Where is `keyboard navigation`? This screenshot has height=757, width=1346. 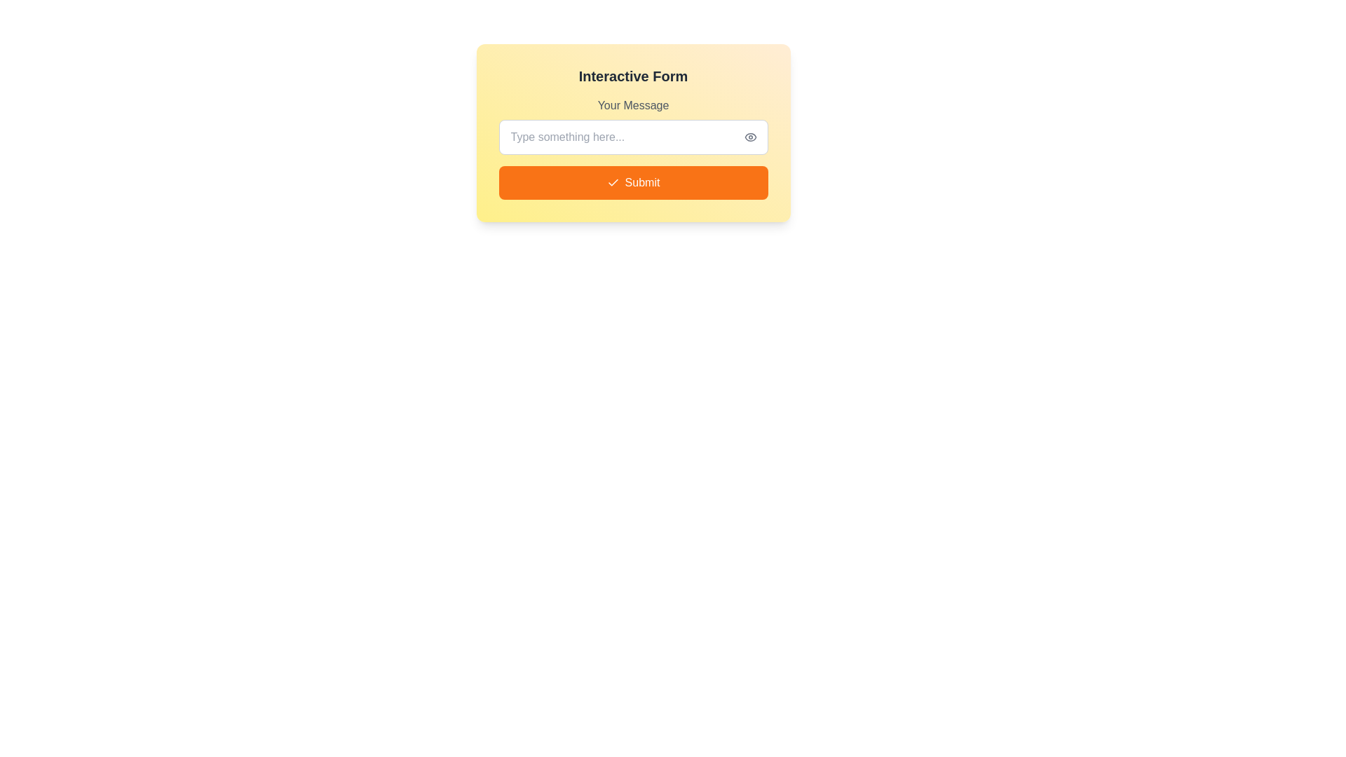
keyboard navigation is located at coordinates (632, 182).